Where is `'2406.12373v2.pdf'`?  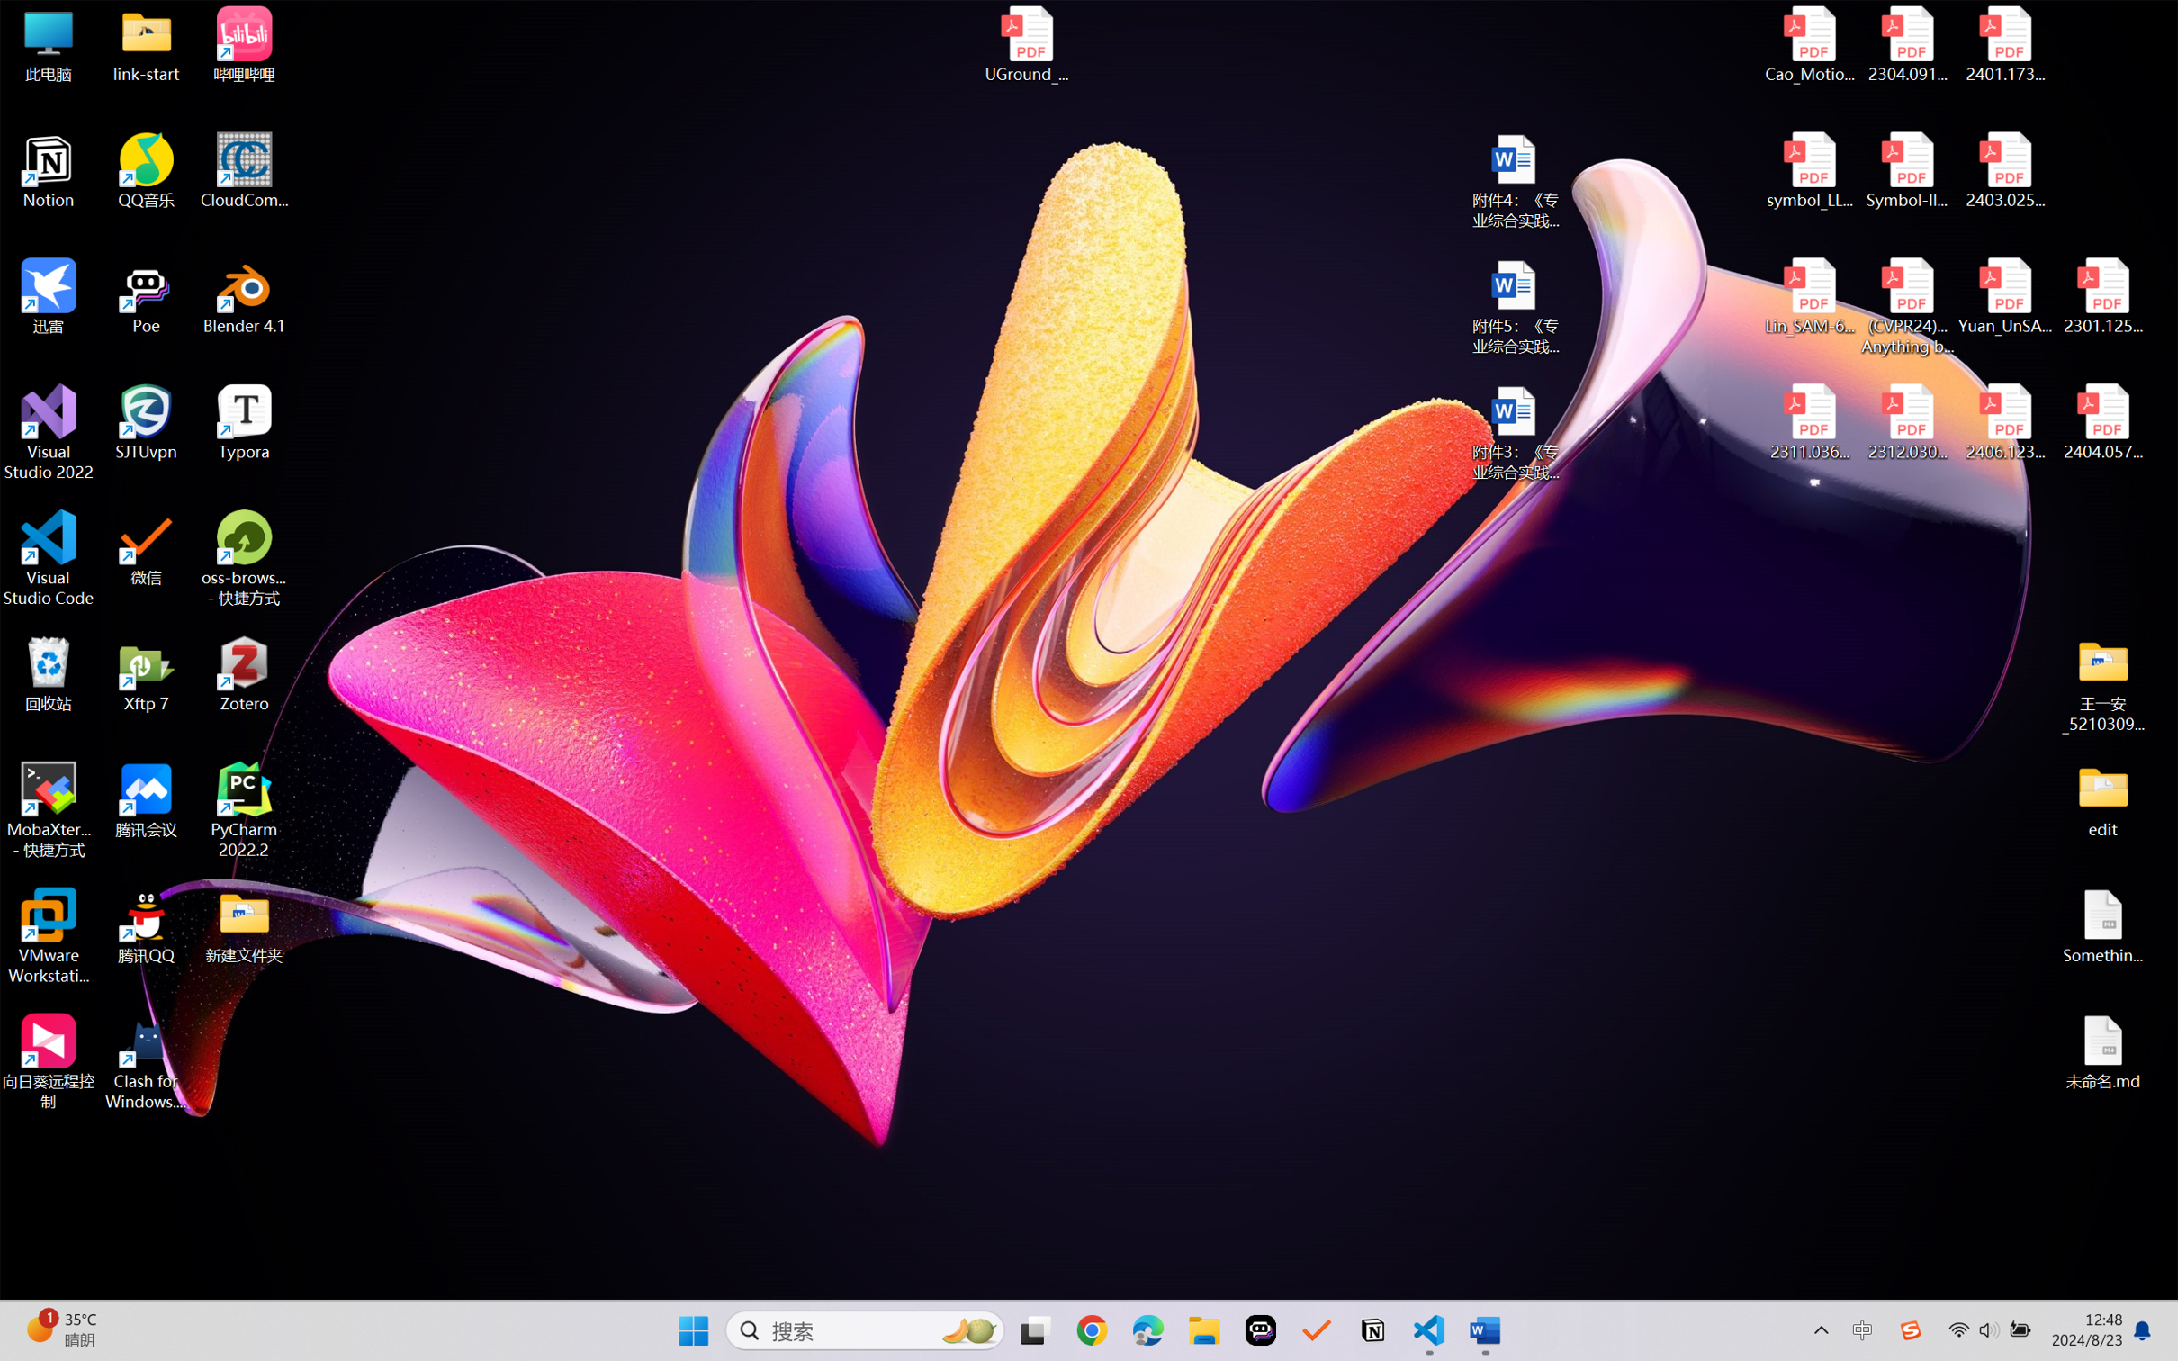
'2406.12373v2.pdf' is located at coordinates (2003, 422).